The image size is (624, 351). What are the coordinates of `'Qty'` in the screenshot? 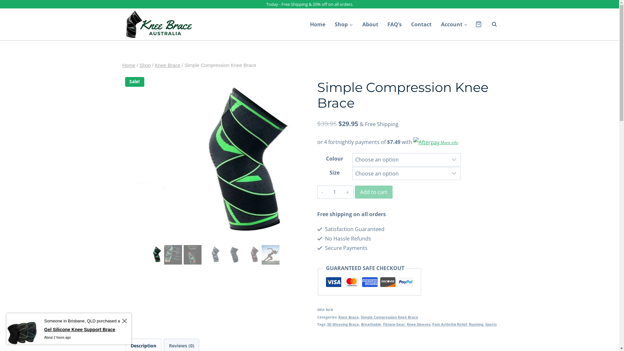 It's located at (329, 191).